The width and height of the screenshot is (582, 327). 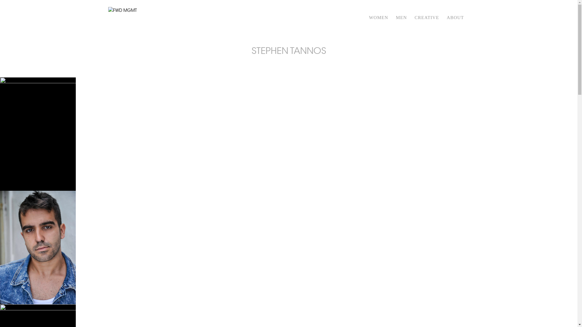 What do you see at coordinates (455, 25) in the screenshot?
I see `'ABOUT'` at bounding box center [455, 25].